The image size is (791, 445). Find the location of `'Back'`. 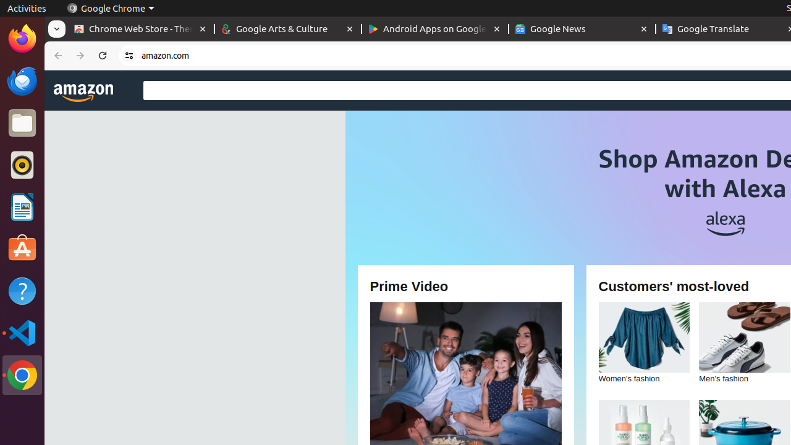

'Back' is located at coordinates (56, 56).